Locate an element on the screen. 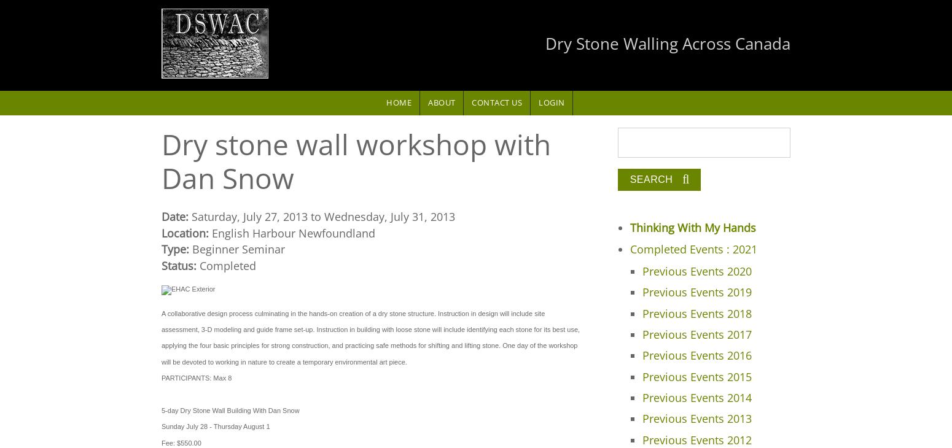 This screenshot has width=952, height=448. 'Type:' is located at coordinates (176, 249).